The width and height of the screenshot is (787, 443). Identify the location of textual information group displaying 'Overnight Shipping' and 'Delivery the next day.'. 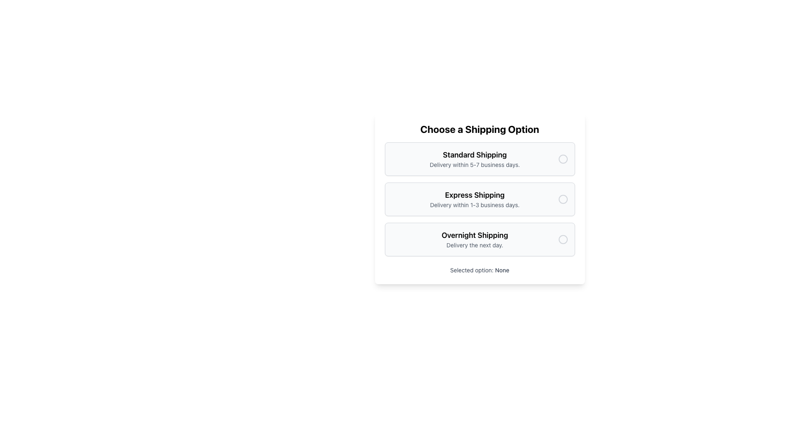
(475, 239).